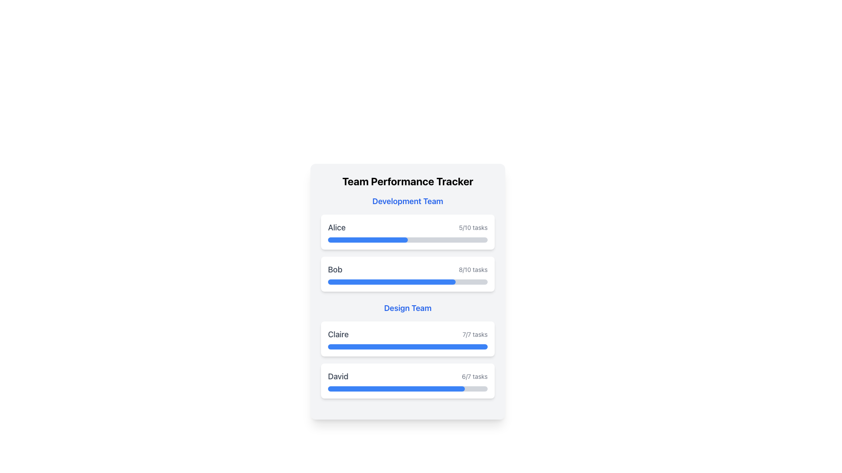 The image size is (842, 473). What do you see at coordinates (473, 269) in the screenshot?
I see `the text label indicating Bob's task completion status (8 out of 10 tasks completed) located in the second row of the 'Development Team' group, aligned to the right of Bob's name` at bounding box center [473, 269].